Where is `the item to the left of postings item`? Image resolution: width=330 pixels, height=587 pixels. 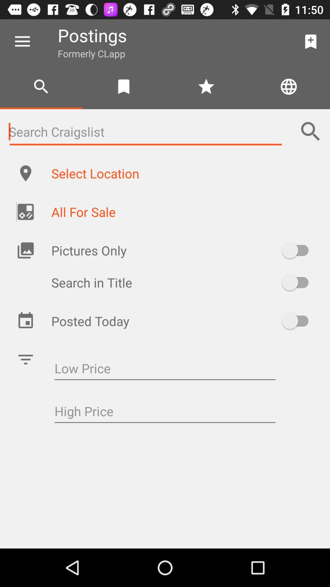
the item to the left of postings item is located at coordinates (22, 41).